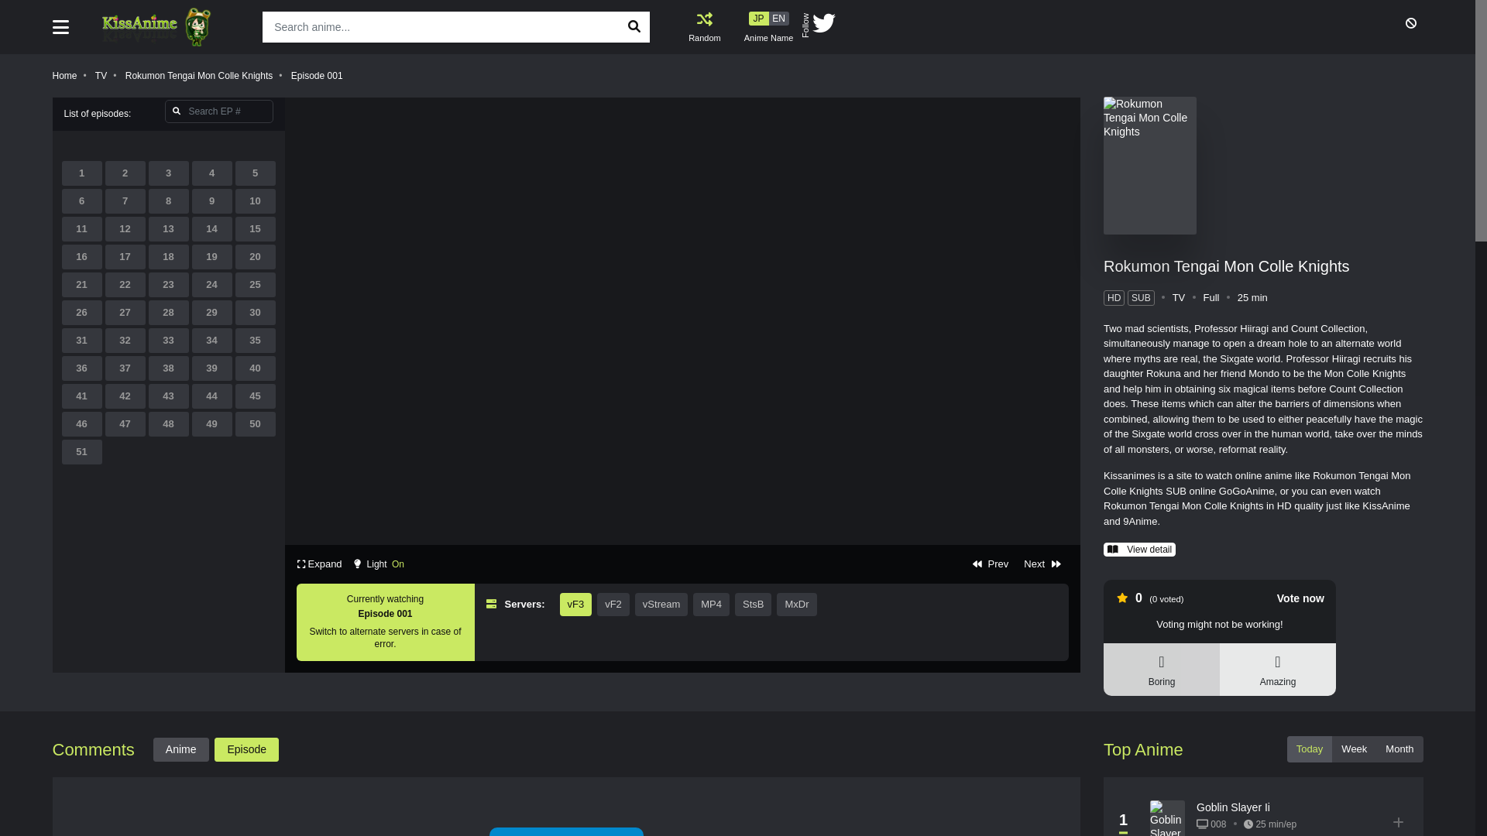  What do you see at coordinates (661, 603) in the screenshot?
I see `'vStream'` at bounding box center [661, 603].